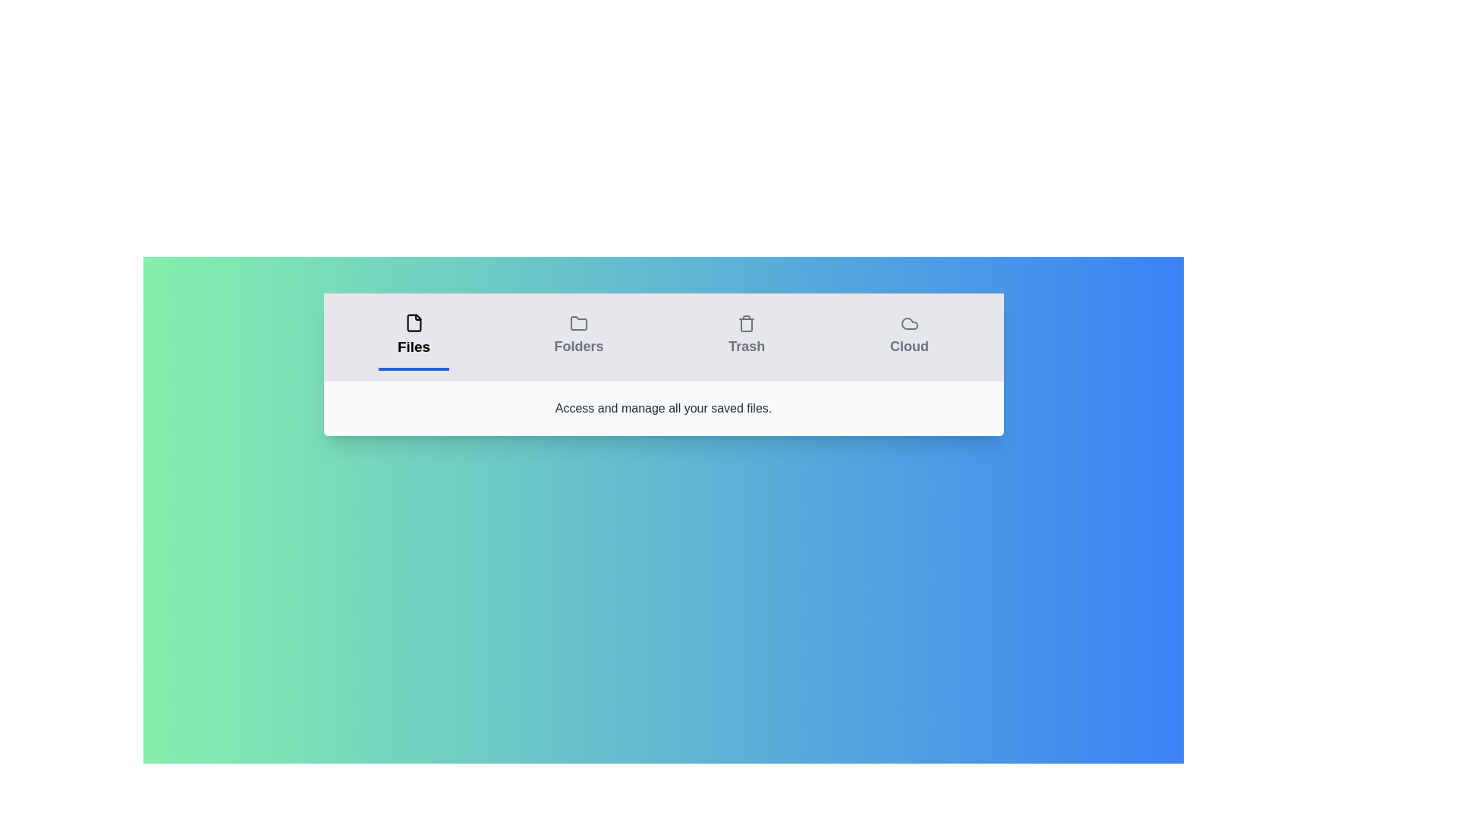 This screenshot has width=1457, height=819. I want to click on the 'Folders' tab to switch to the folder organization view, so click(578, 336).